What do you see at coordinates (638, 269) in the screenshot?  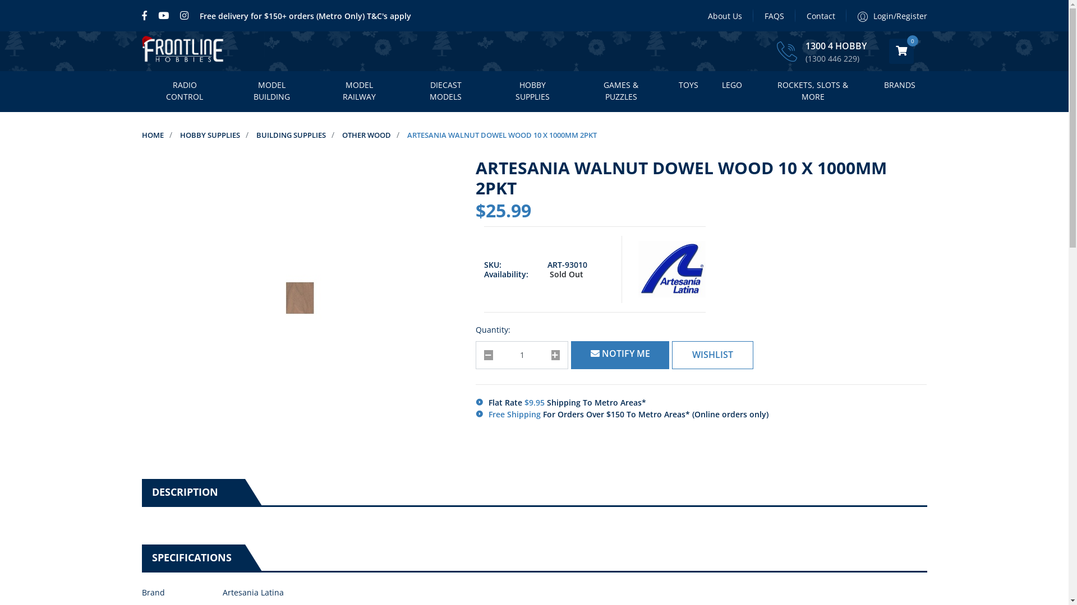 I see `'Artesania Latina'` at bounding box center [638, 269].